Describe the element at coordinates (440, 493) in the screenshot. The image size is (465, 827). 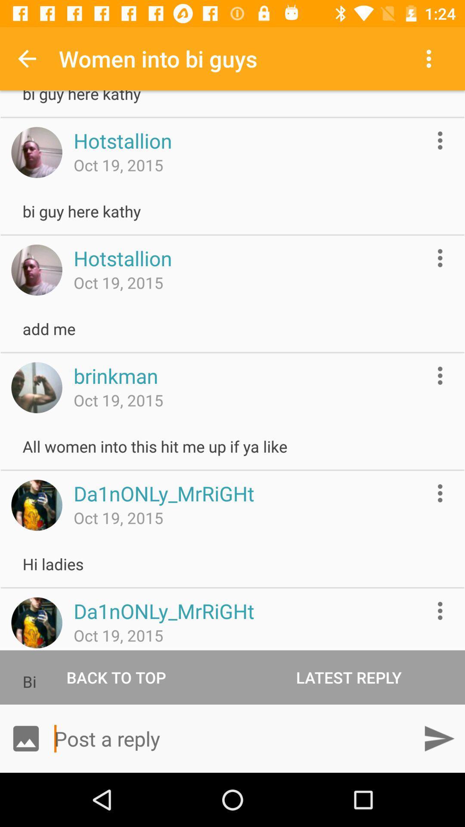
I see `show details` at that location.